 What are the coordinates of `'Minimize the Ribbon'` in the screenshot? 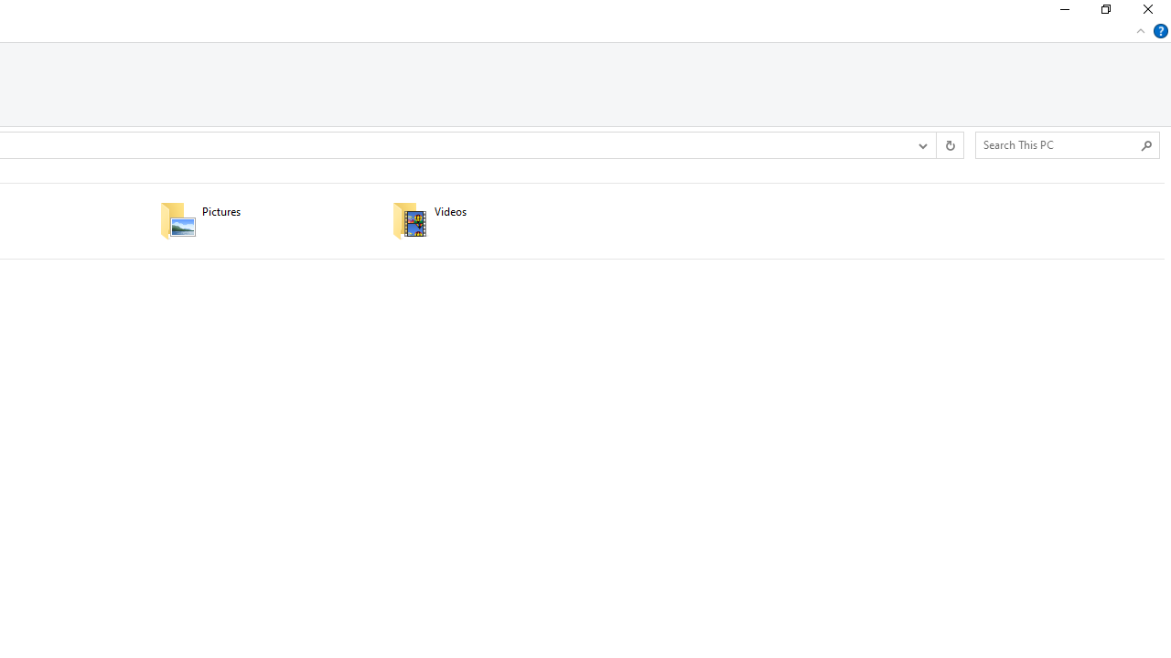 It's located at (1140, 30).